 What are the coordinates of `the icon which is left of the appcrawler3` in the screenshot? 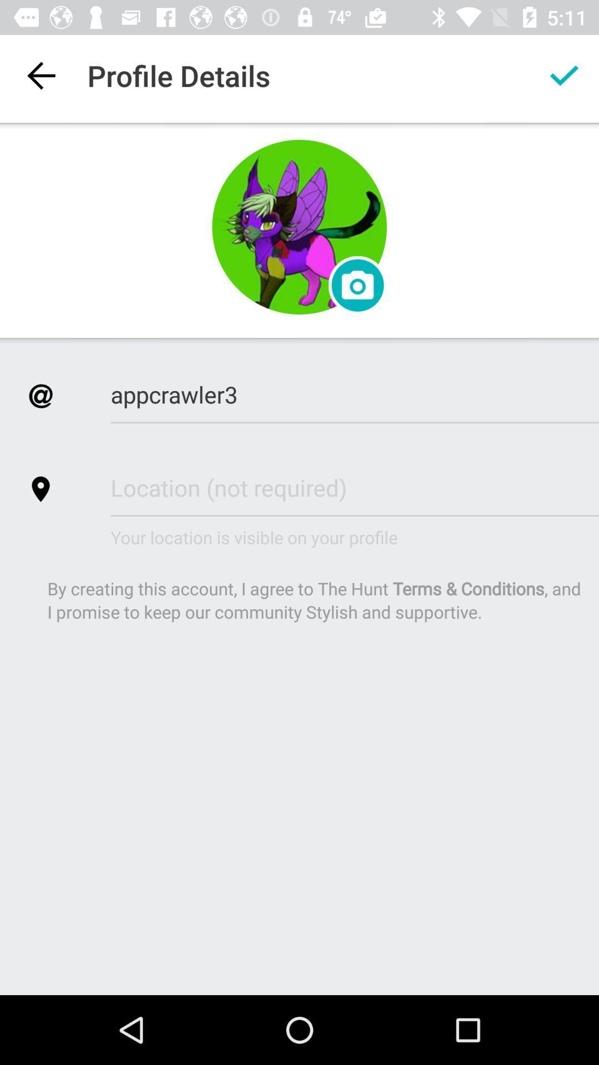 It's located at (40, 396).